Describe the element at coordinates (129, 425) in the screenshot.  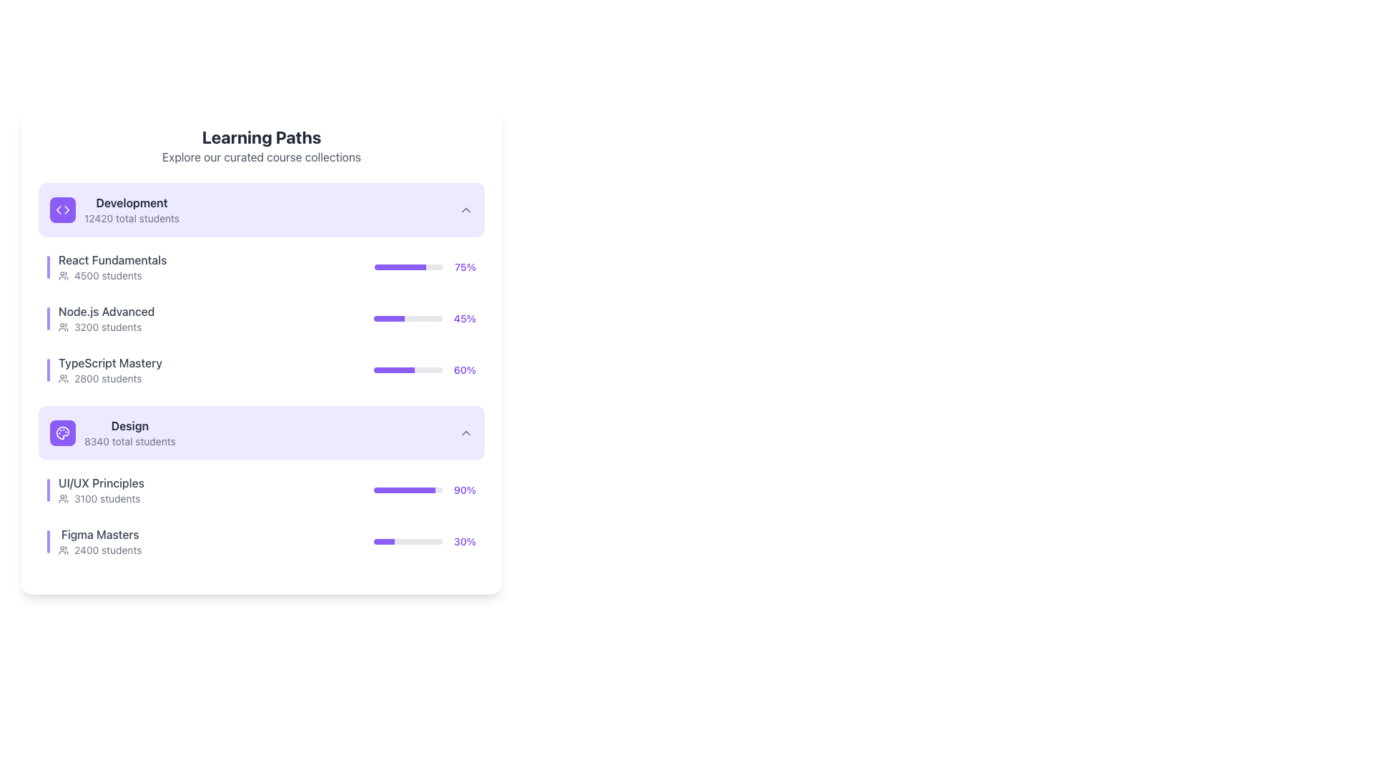
I see `the 'Design' section title text label` at that location.